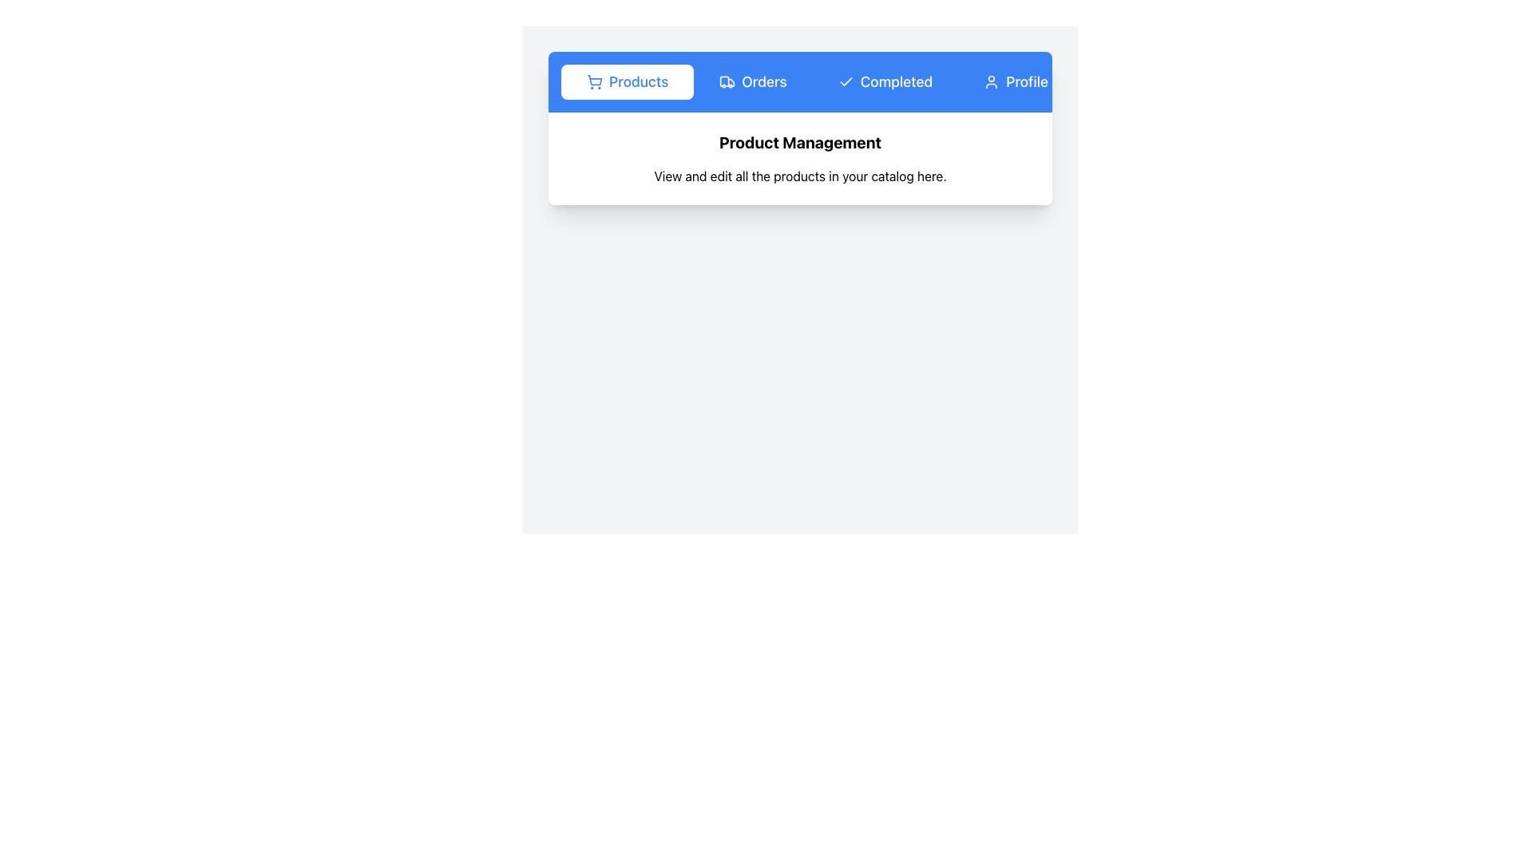 The width and height of the screenshot is (1533, 862). I want to click on the first button in the blue navigation bar at the top of the section to direct the user to the products section for visual feedback, so click(627, 82).